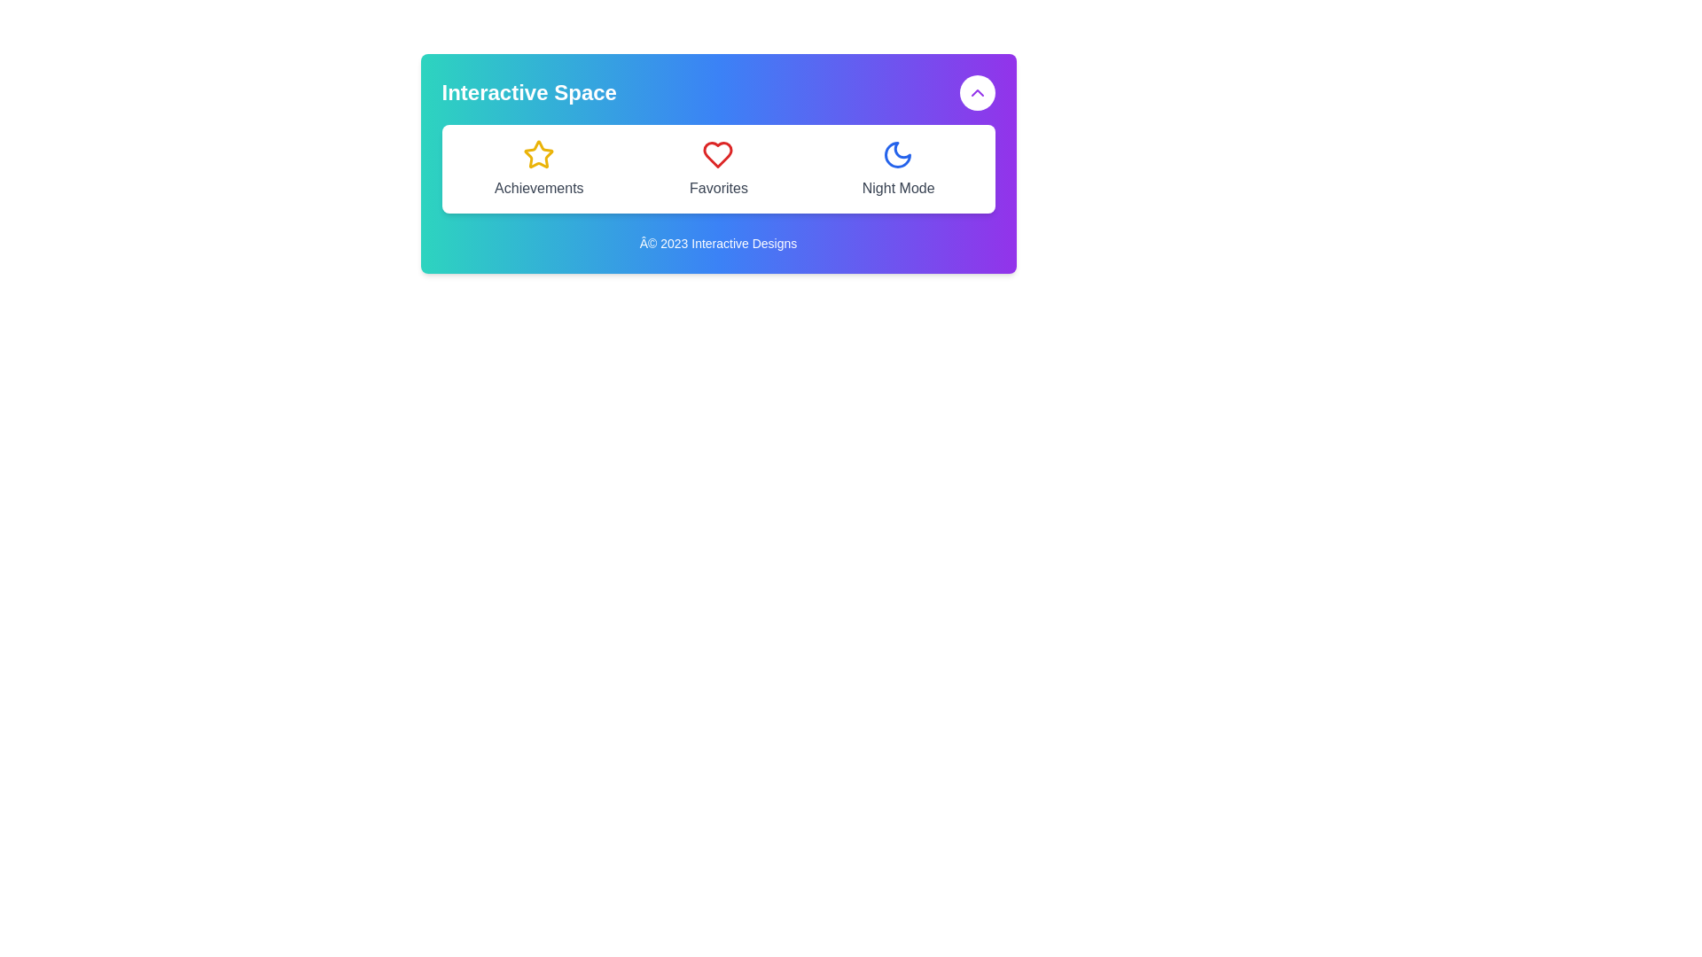  Describe the element at coordinates (718, 153) in the screenshot. I see `the heart icon in the 'Favorites' section, which signifies a favorite or liked item and is centrally positioned in the second column above the text 'Favorites'` at that location.